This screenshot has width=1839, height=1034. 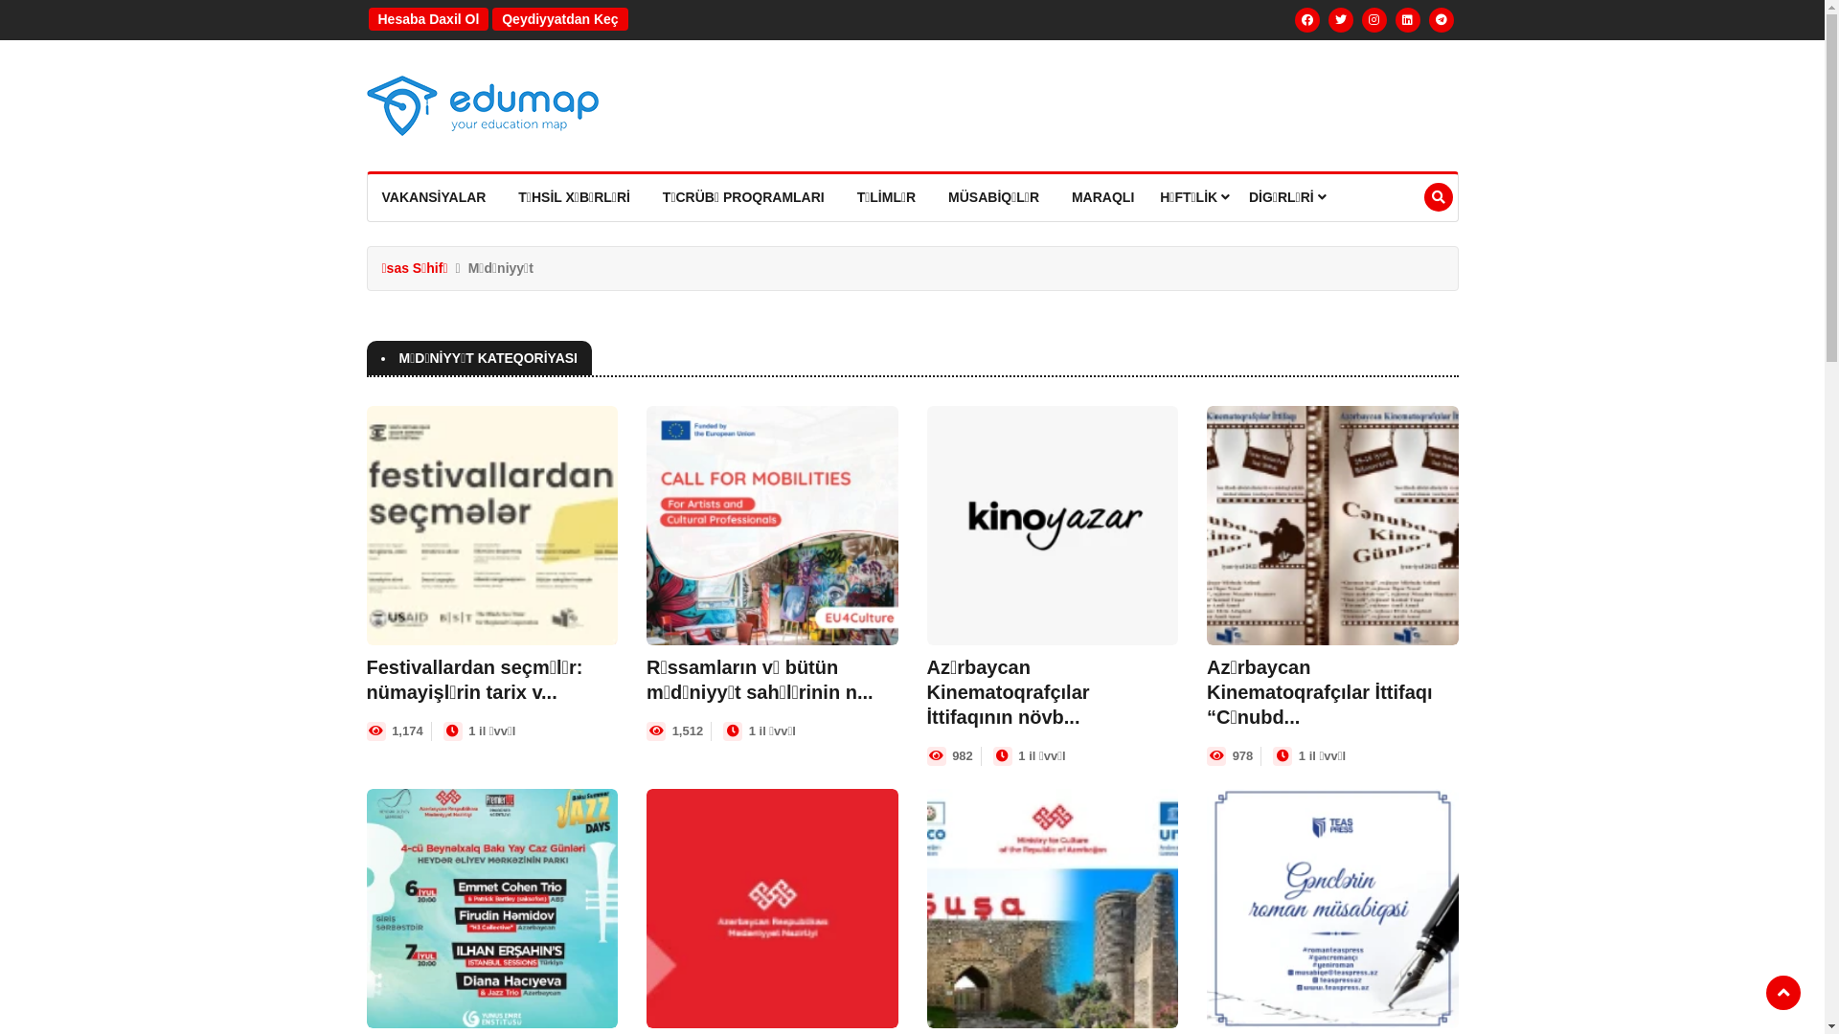 What do you see at coordinates (1102, 197) in the screenshot?
I see `'MARAQLI'` at bounding box center [1102, 197].